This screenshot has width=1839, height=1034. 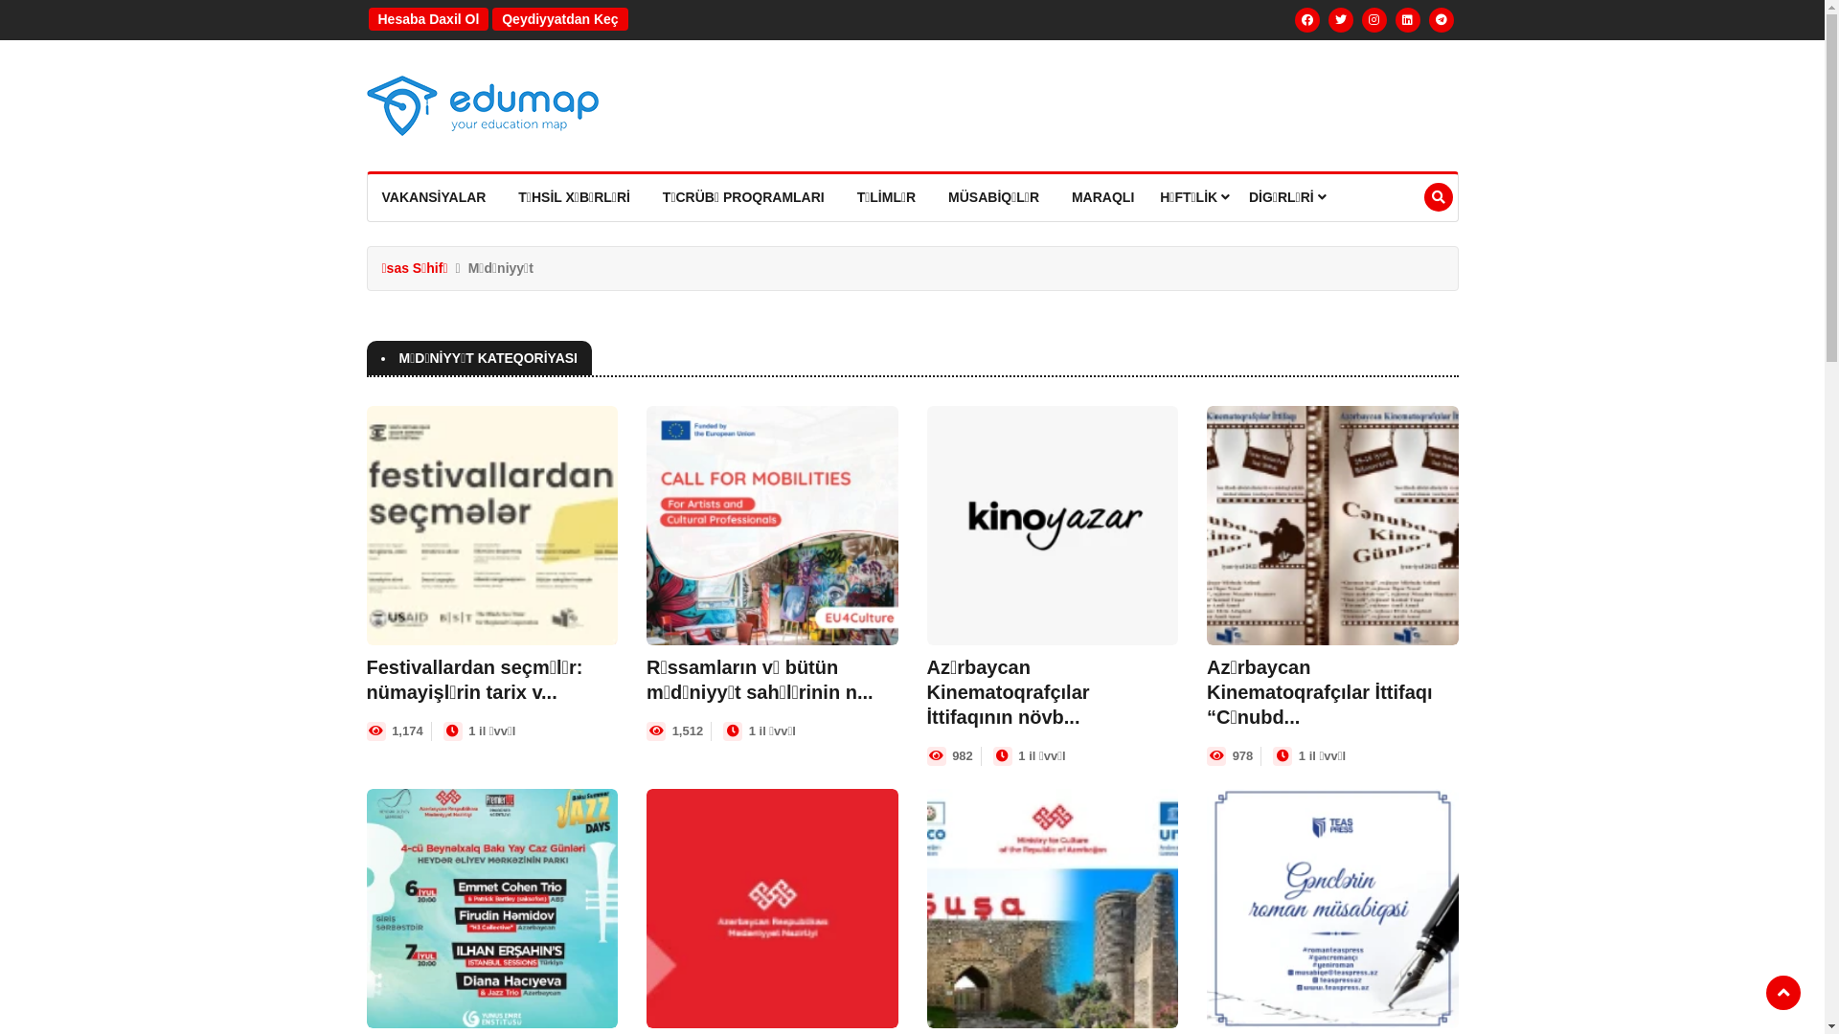 What do you see at coordinates (1102, 197) in the screenshot?
I see `'MARAQLI'` at bounding box center [1102, 197].